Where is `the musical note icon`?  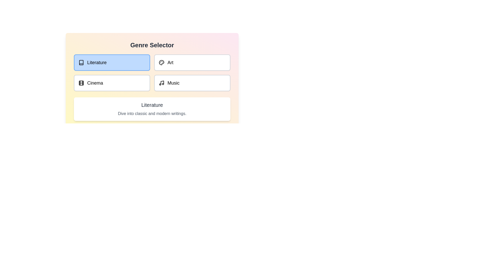
the musical note icon is located at coordinates (162, 82).